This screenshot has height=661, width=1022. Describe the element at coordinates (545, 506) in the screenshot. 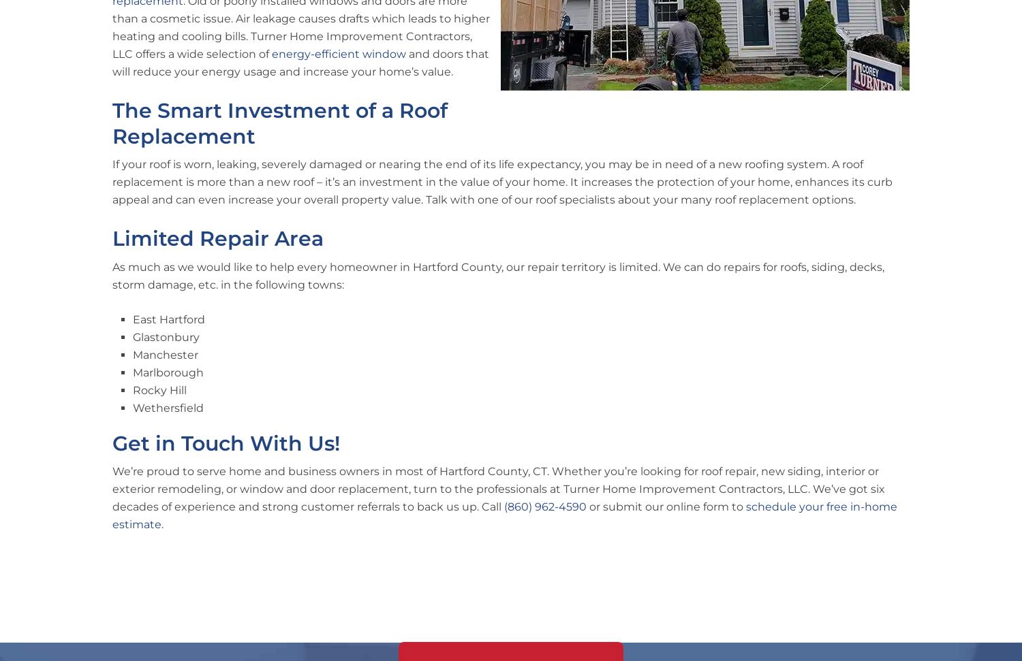

I see `'(860) 962-4590'` at that location.